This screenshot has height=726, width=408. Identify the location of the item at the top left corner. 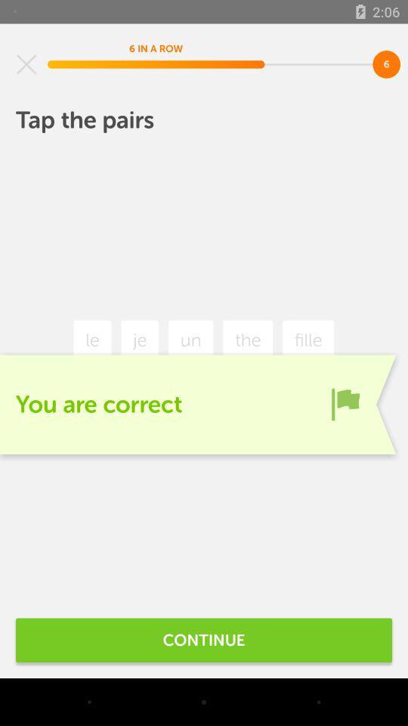
(26, 64).